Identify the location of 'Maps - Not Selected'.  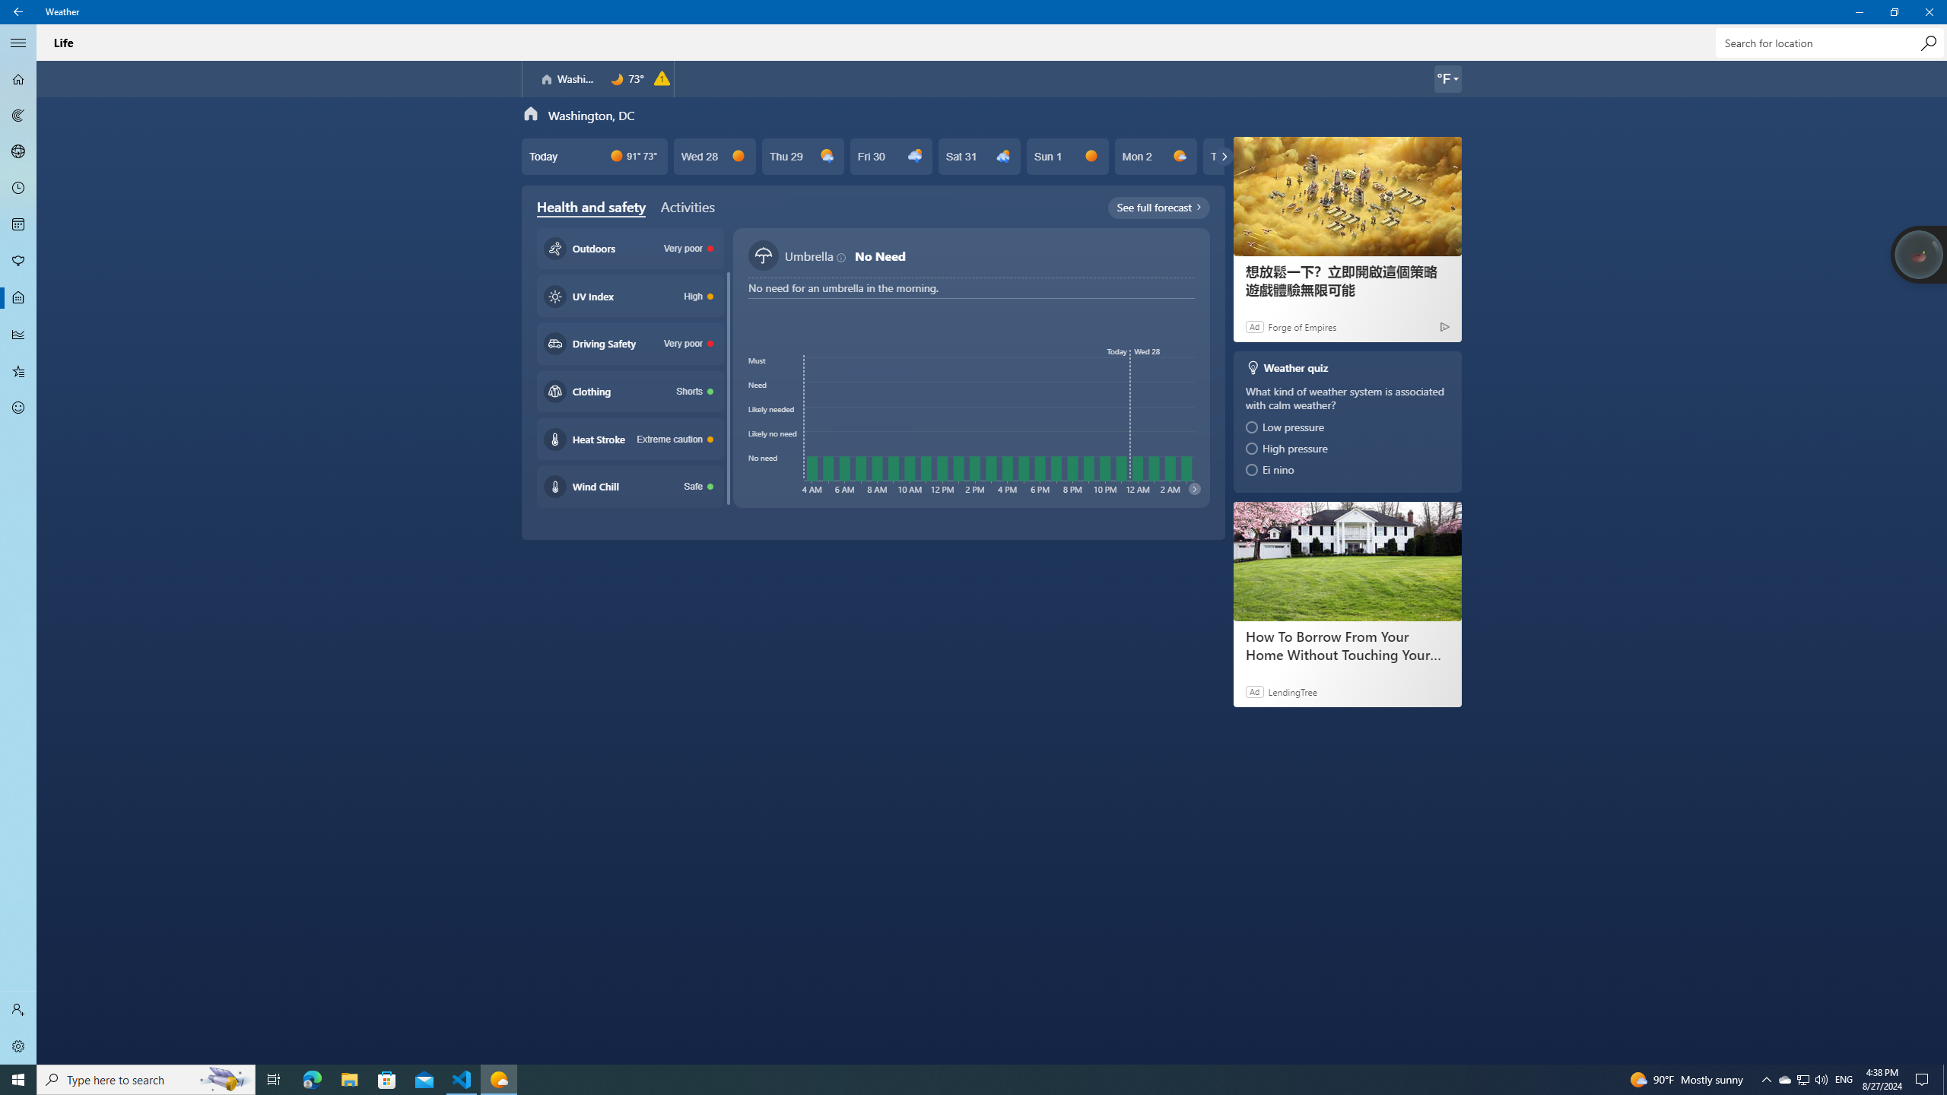
(18, 114).